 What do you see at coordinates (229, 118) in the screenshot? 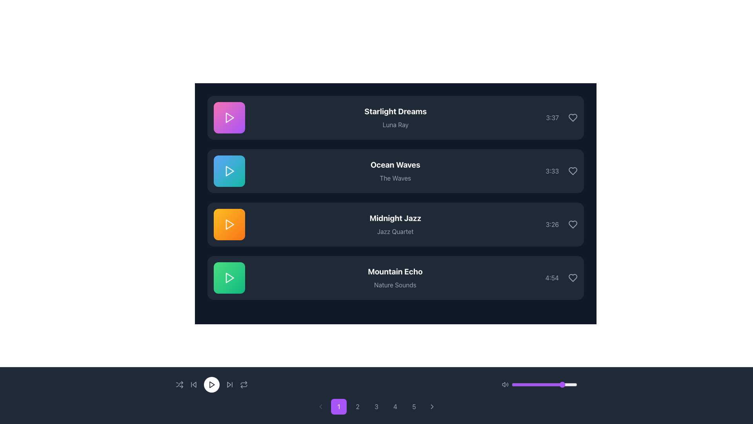
I see `the solid white triangle play icon located within the purple square at the top-left corner of the first audio item` at bounding box center [229, 118].